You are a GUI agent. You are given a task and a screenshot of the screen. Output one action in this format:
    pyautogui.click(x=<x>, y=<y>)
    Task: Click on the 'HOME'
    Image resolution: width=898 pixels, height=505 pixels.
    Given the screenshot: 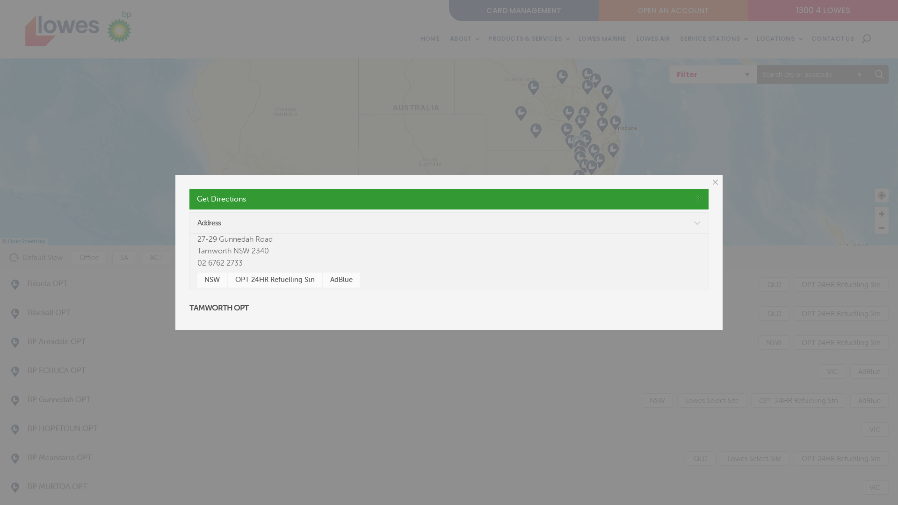 What is the action you would take?
    pyautogui.click(x=430, y=38)
    